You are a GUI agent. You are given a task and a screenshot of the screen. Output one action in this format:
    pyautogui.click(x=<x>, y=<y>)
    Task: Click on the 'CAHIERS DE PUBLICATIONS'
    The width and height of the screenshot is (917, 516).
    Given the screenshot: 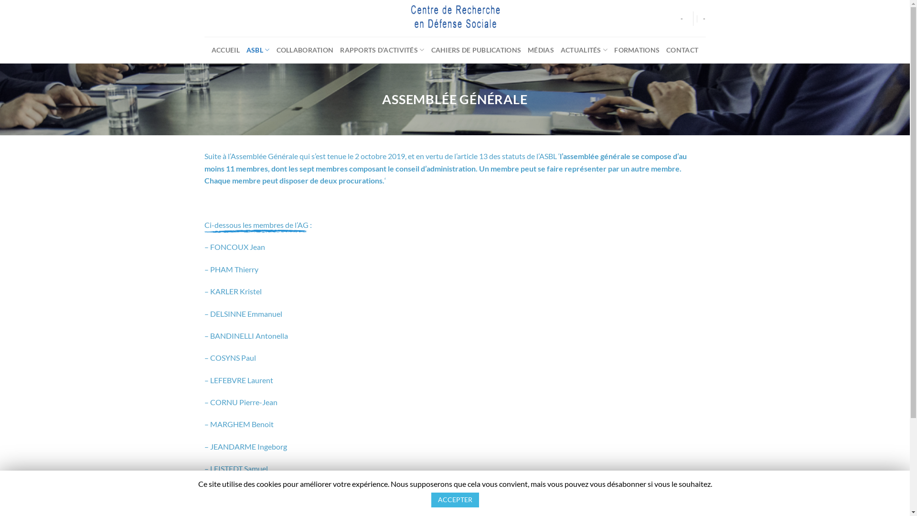 What is the action you would take?
    pyautogui.click(x=476, y=50)
    